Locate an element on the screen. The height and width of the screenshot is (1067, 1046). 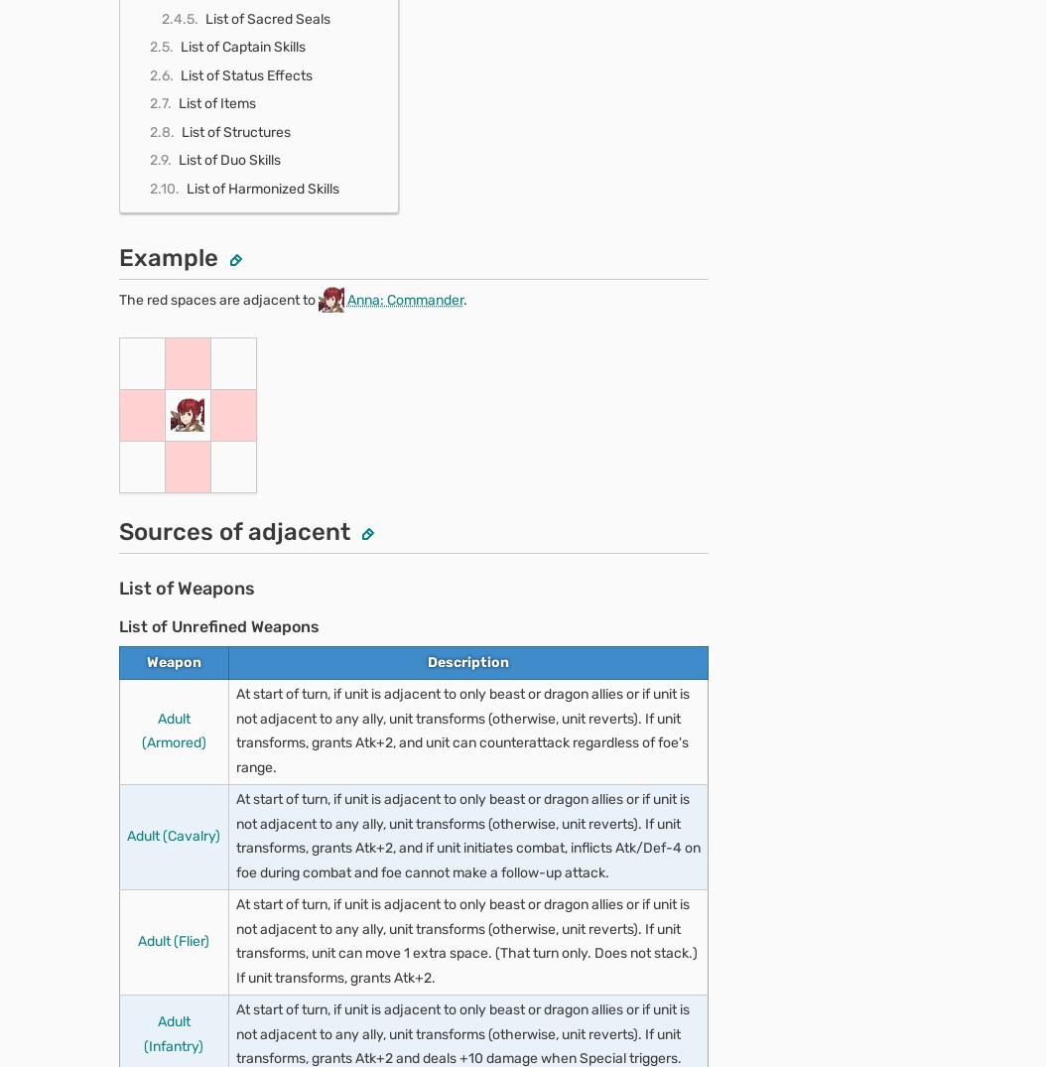
'Odd Def Wave 3' is located at coordinates (206, 984).